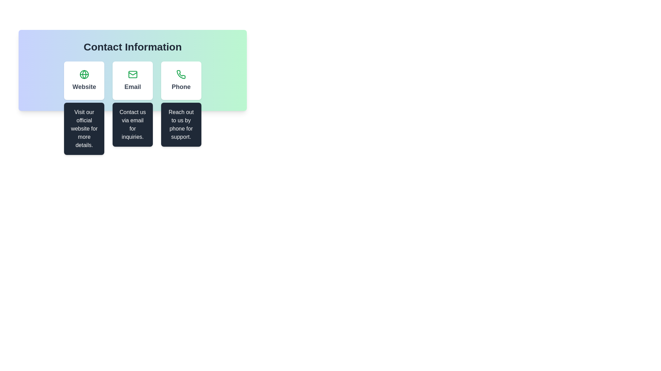  What do you see at coordinates (181, 74) in the screenshot?
I see `the green telephone handset icon representing phone functionality, located in the third column under the 'Contact Information' heading` at bounding box center [181, 74].